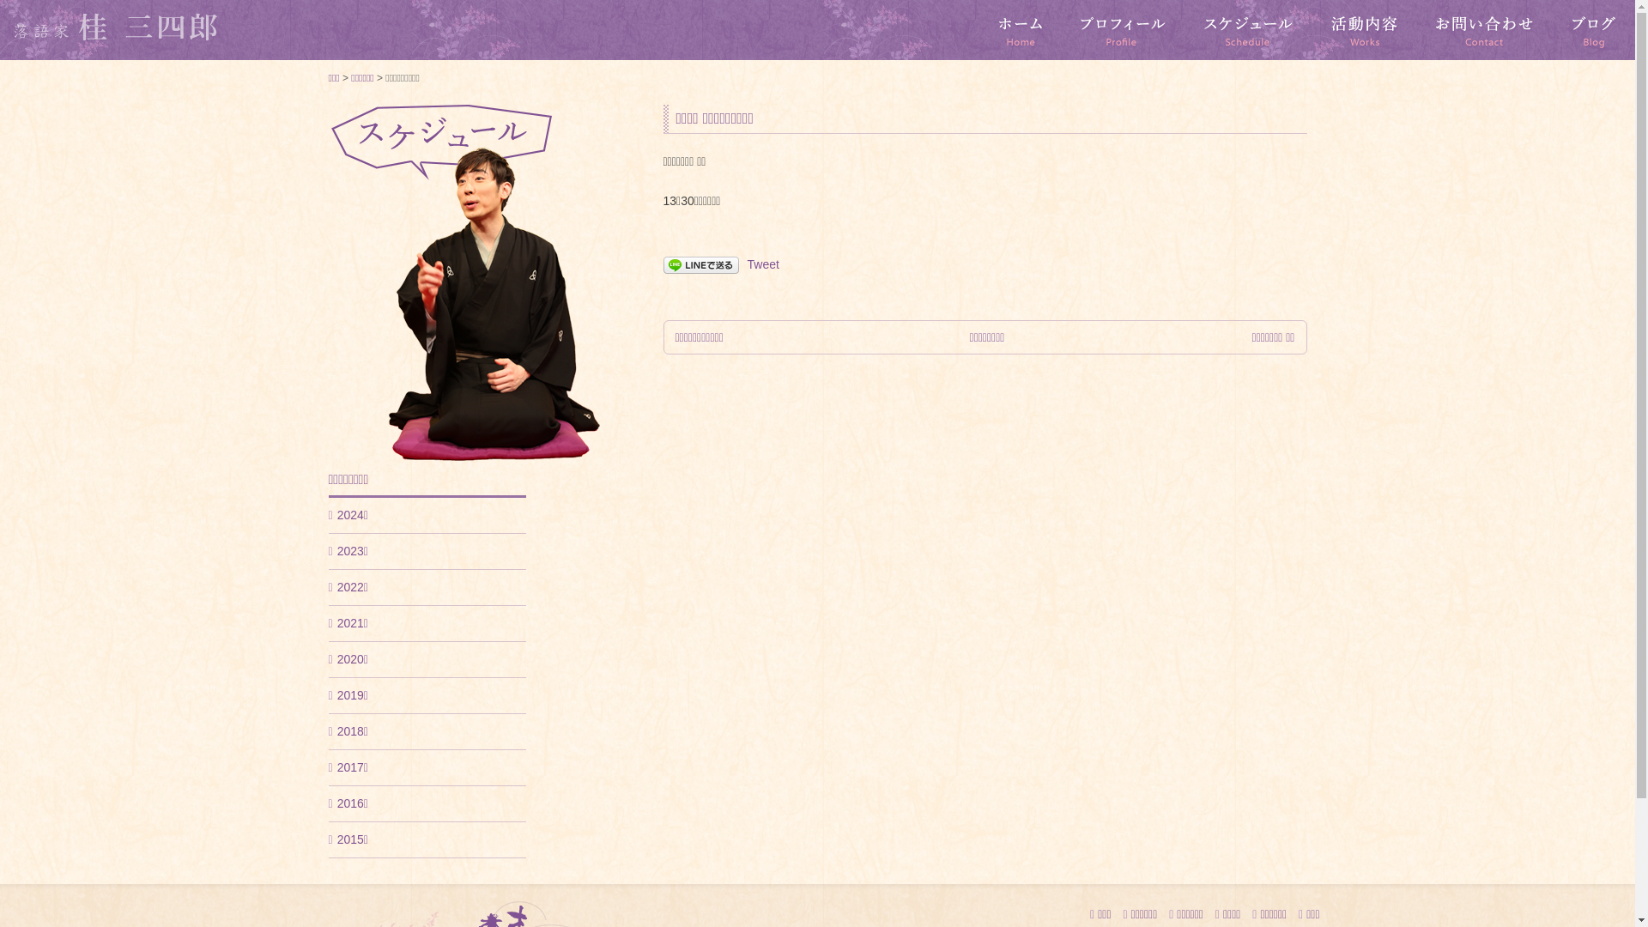  I want to click on 'Tweet', so click(761, 264).